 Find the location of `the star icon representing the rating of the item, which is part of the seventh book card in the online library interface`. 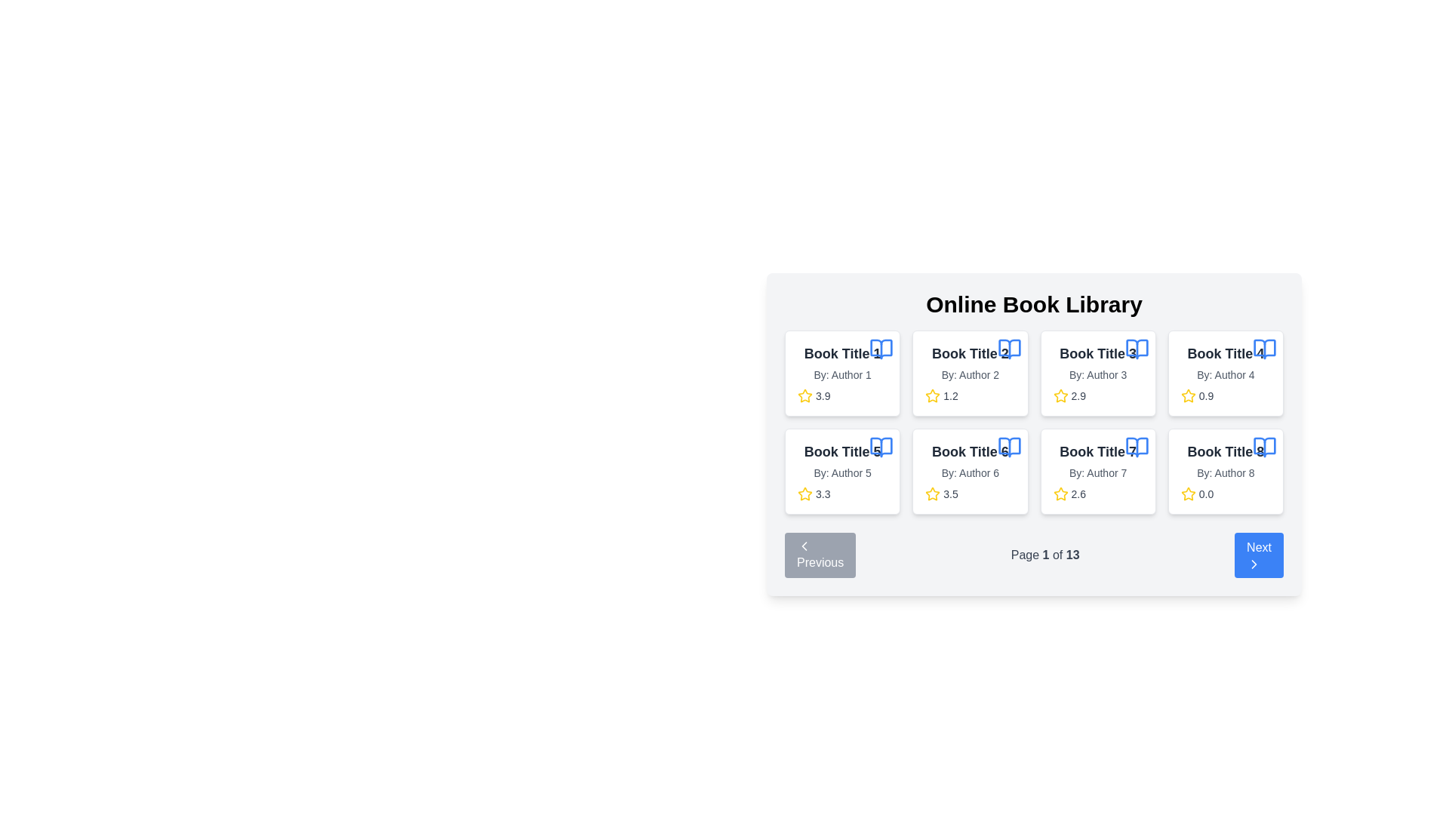

the star icon representing the rating of the item, which is part of the seventh book card in the online library interface is located at coordinates (1060, 494).